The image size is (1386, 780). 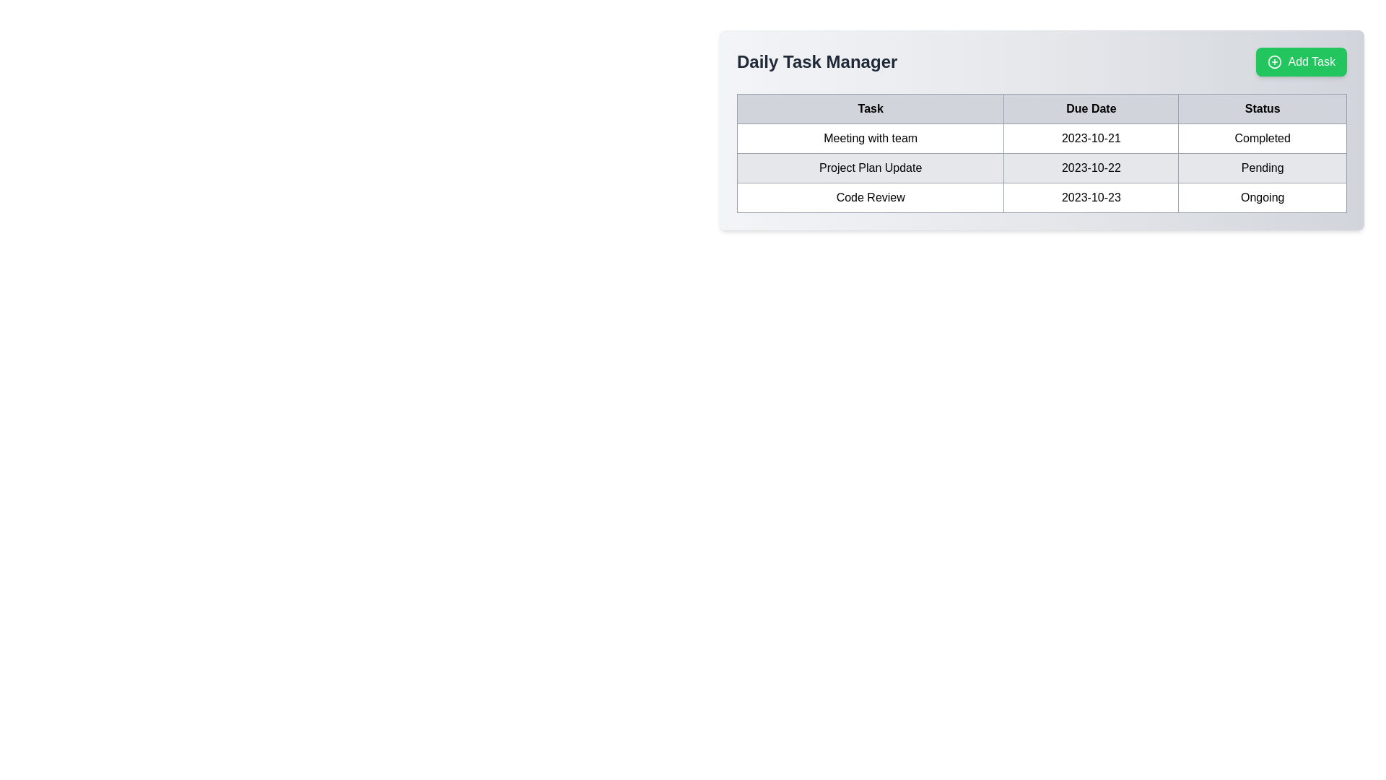 I want to click on the second row of the table displaying 'Project Plan Update', which is located between 'Meeting with team' and 'Code Review', so click(x=1042, y=167).